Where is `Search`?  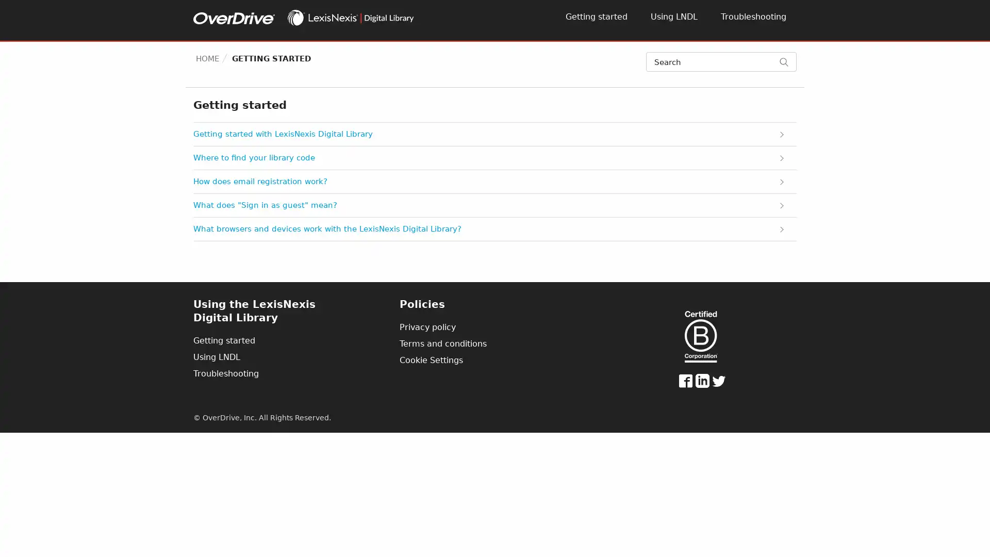
Search is located at coordinates (787, 61).